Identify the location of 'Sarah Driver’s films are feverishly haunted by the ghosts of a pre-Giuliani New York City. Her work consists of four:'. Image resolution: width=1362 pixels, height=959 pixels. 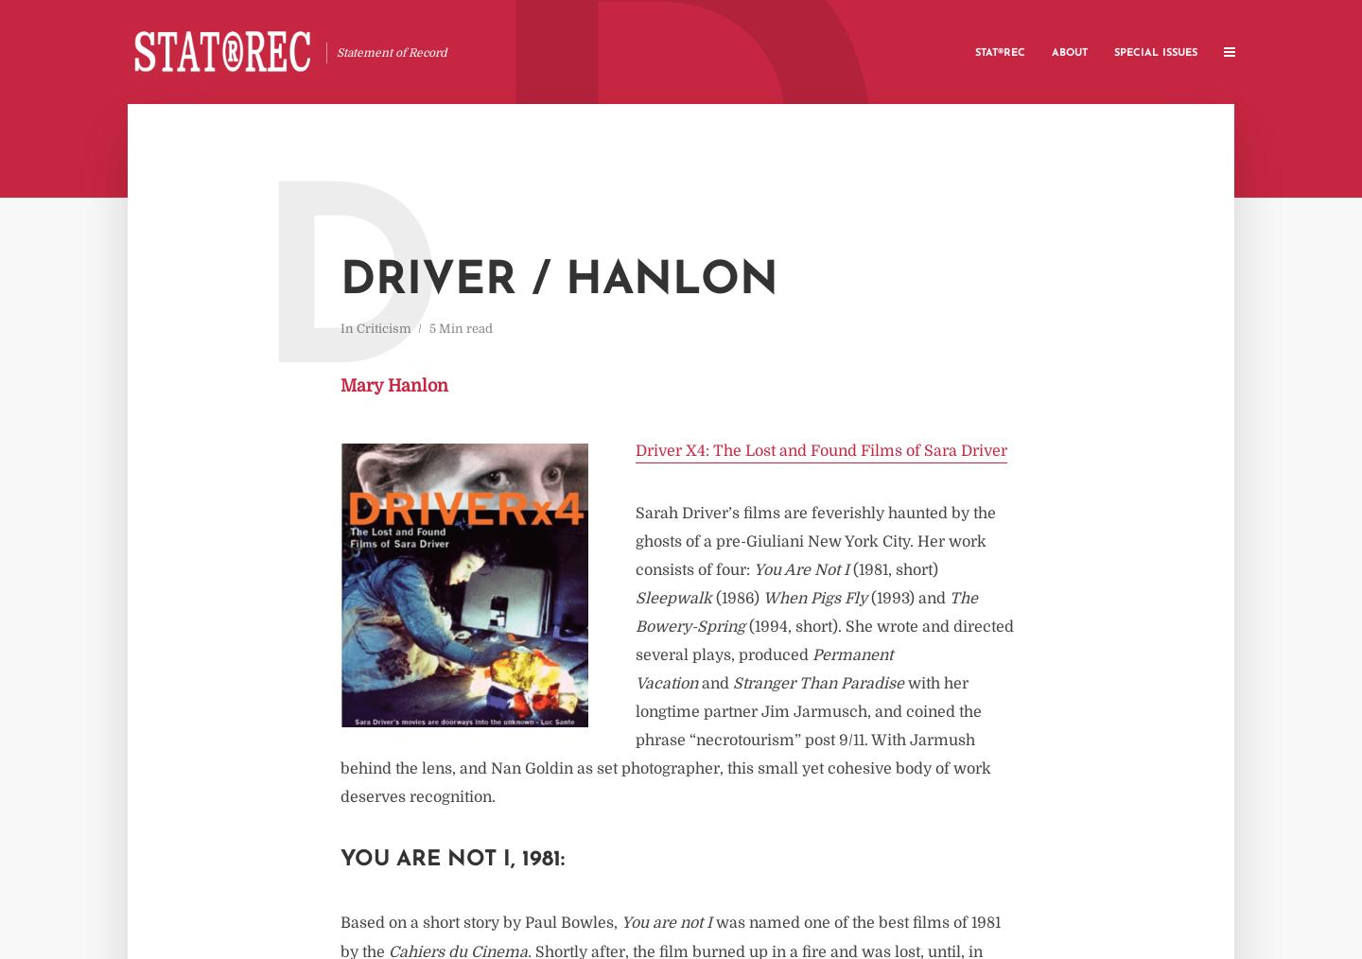
(814, 539).